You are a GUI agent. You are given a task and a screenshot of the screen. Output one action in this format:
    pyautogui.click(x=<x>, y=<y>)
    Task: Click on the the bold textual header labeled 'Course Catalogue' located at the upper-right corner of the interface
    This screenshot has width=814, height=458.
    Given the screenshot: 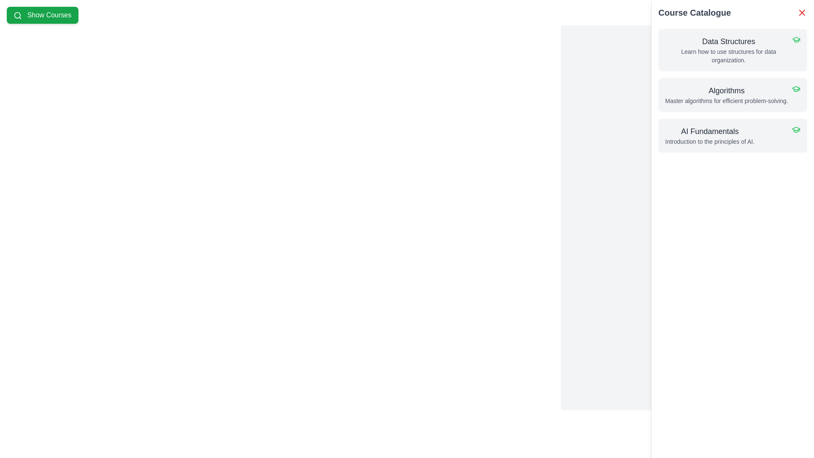 What is the action you would take?
    pyautogui.click(x=694, y=13)
    